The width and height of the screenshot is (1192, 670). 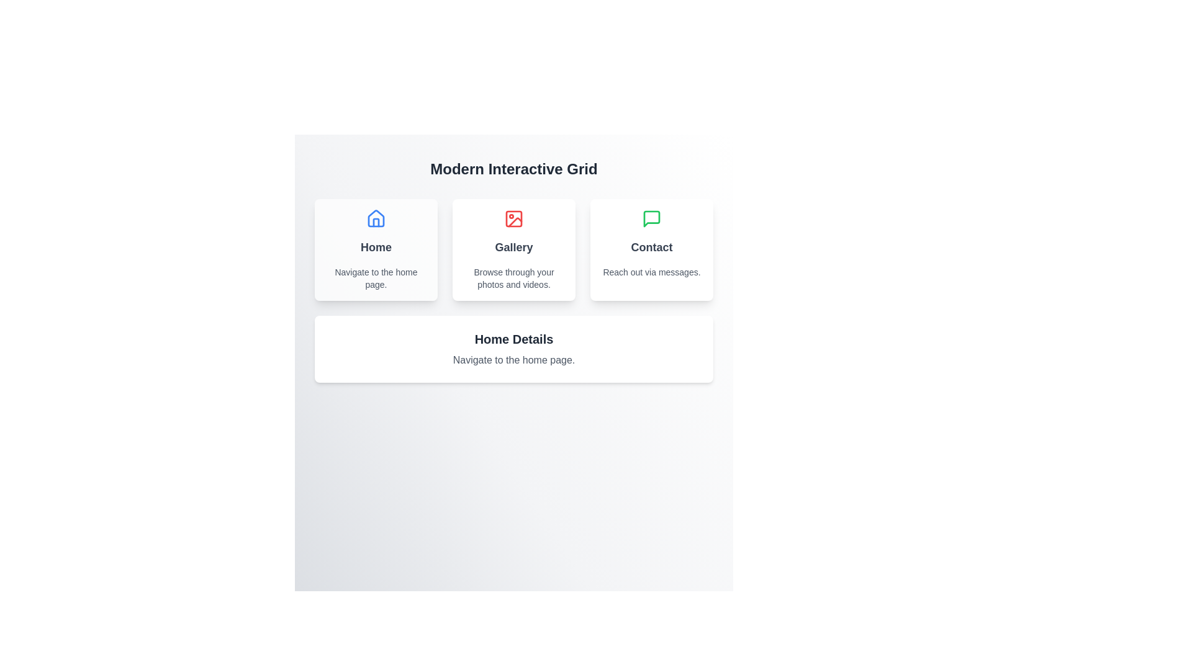 I want to click on the Informational card located at the bottom section of the layout, centered horizontally beneath the cards labeled 'Home', 'Gallery', and 'Contact', so click(x=514, y=349).